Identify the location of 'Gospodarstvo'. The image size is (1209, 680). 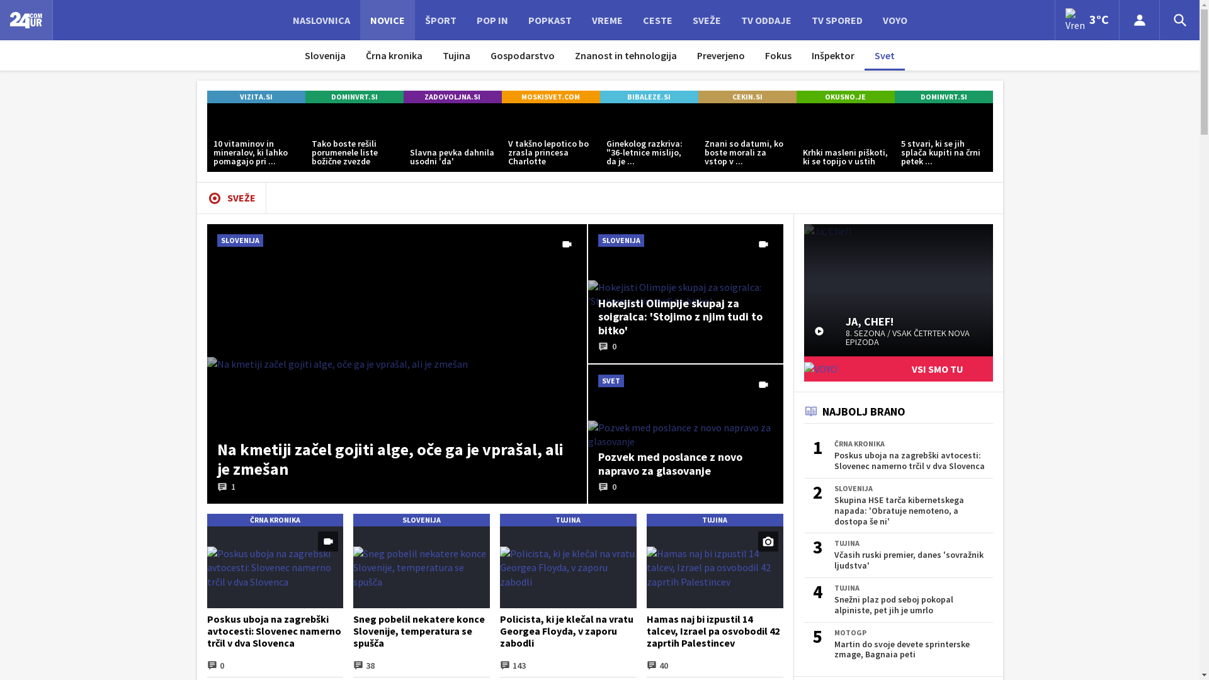
(480, 55).